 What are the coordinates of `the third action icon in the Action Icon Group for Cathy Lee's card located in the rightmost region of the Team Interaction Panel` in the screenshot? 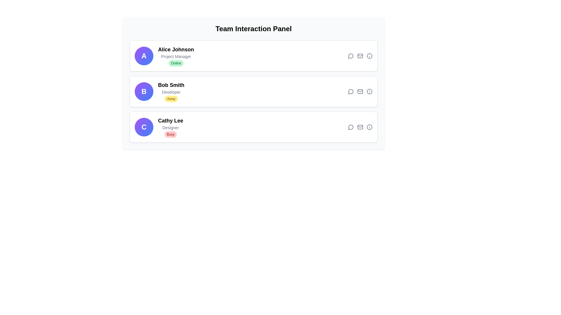 It's located at (360, 127).